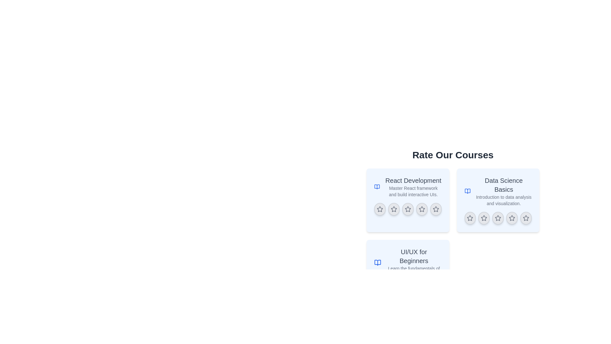 This screenshot has height=344, width=611. I want to click on the third star icon in the rating stars below the 'React Development' course card, so click(408, 209).